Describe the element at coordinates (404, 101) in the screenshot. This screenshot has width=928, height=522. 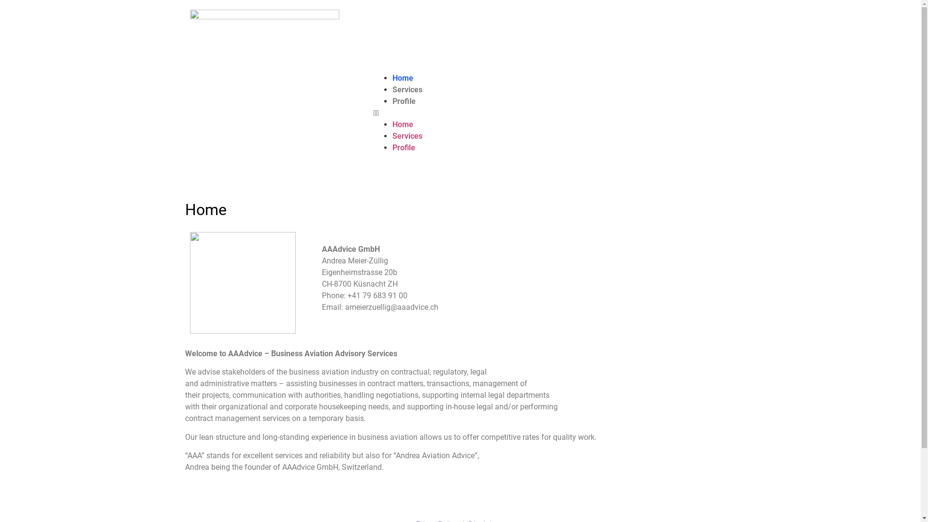
I see `'Profile'` at that location.